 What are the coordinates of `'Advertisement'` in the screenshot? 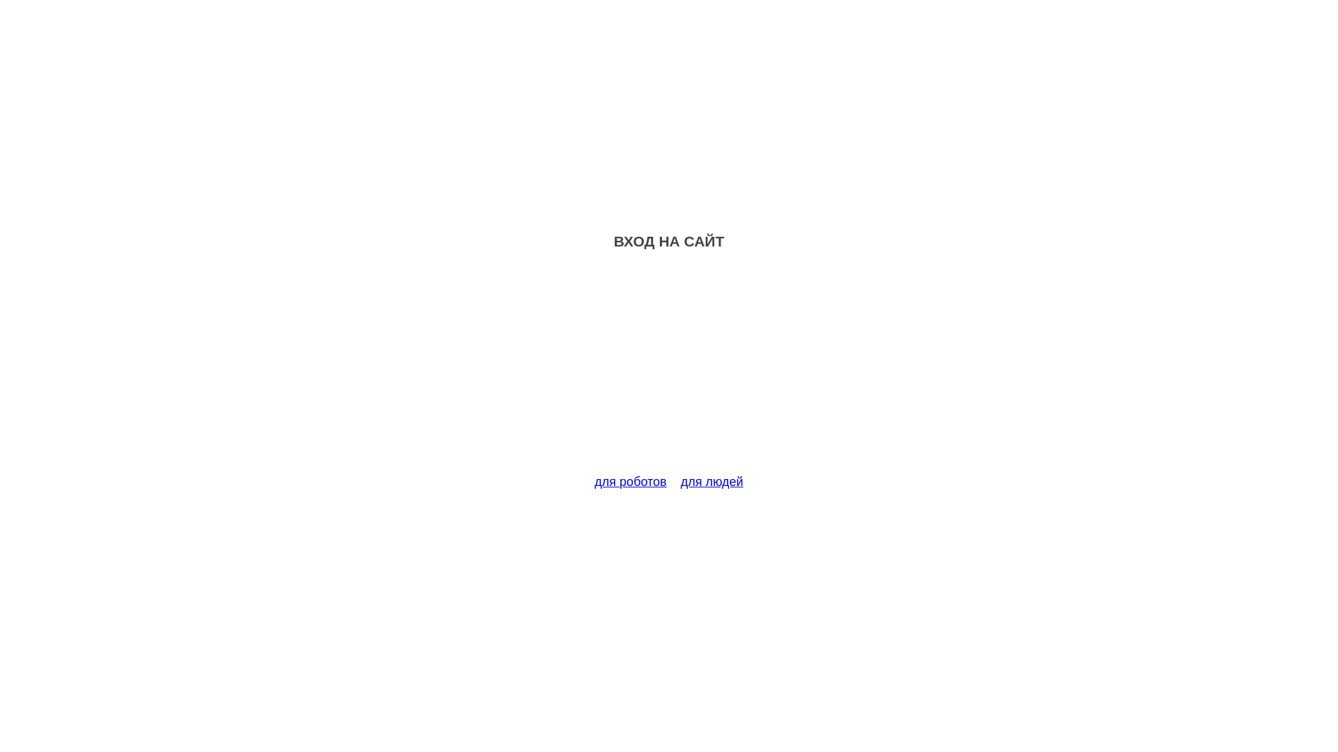 It's located at (669, 370).